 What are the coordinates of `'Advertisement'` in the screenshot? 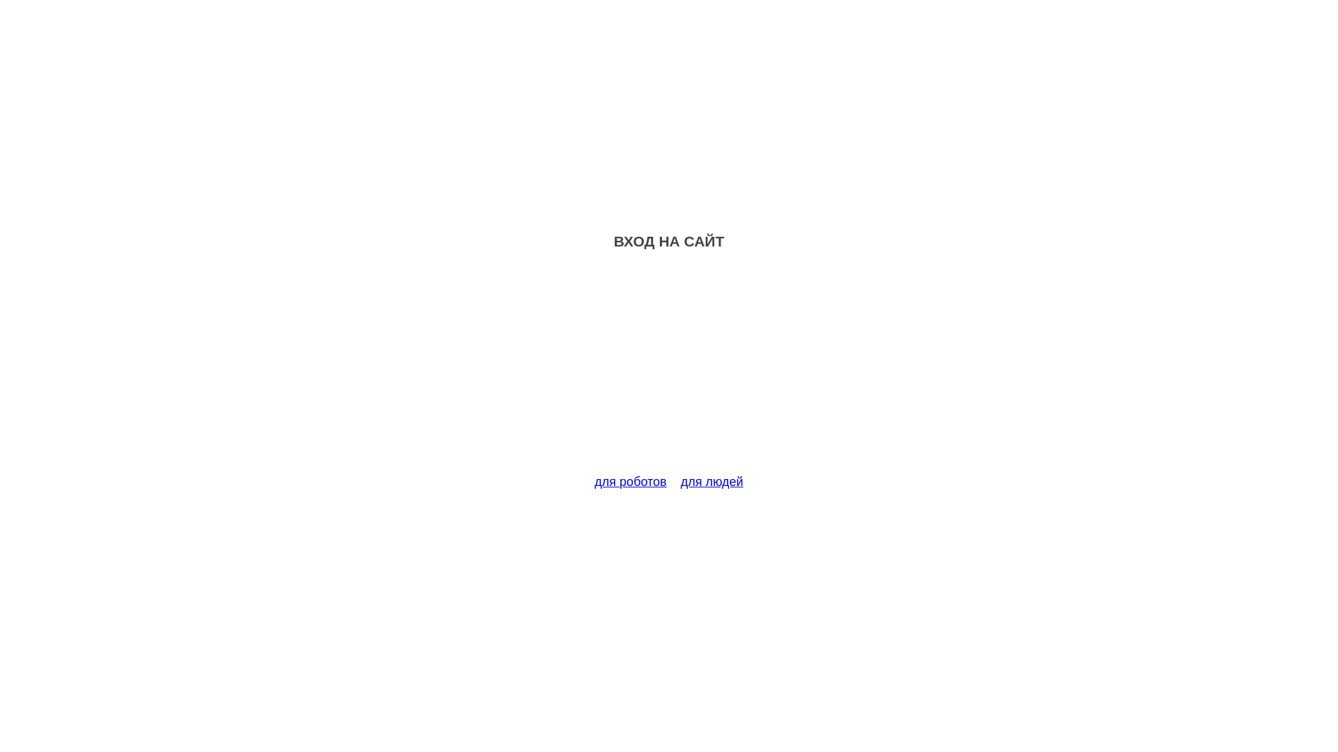 It's located at (669, 370).